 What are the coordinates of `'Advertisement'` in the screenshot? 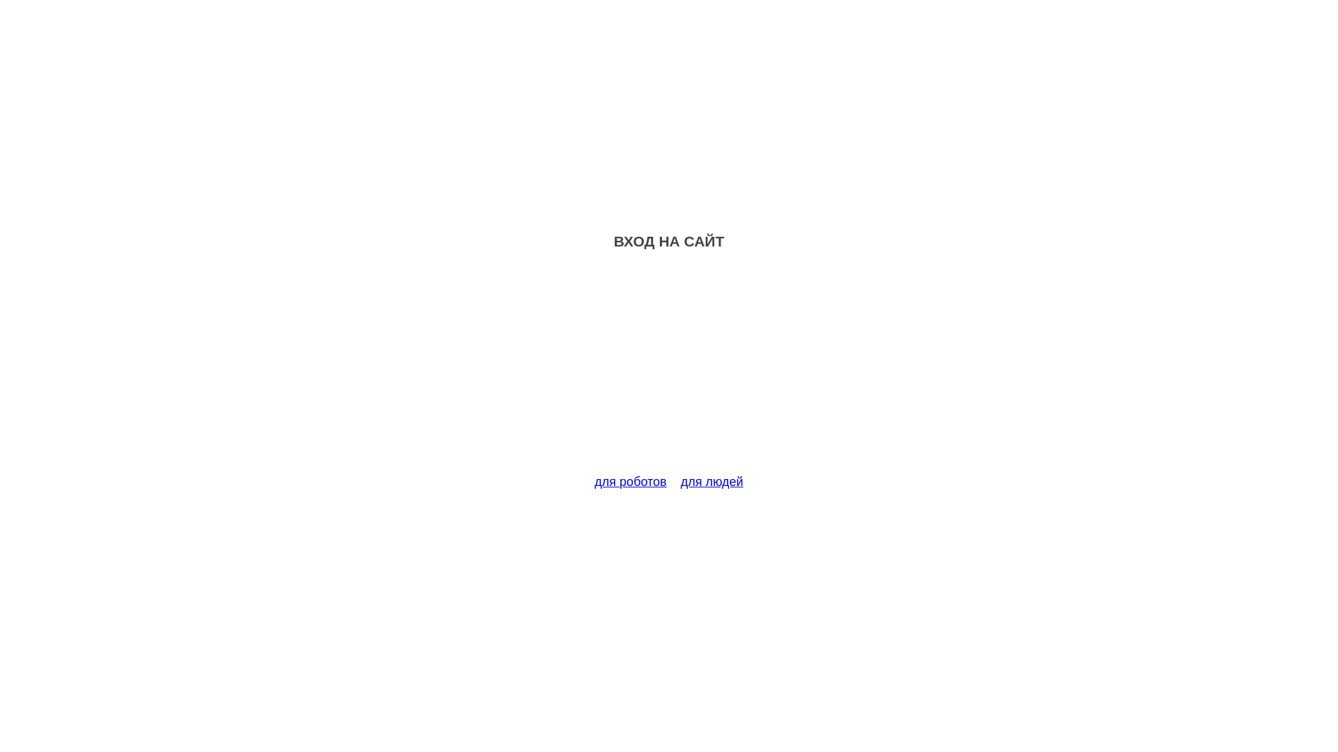 It's located at (669, 370).